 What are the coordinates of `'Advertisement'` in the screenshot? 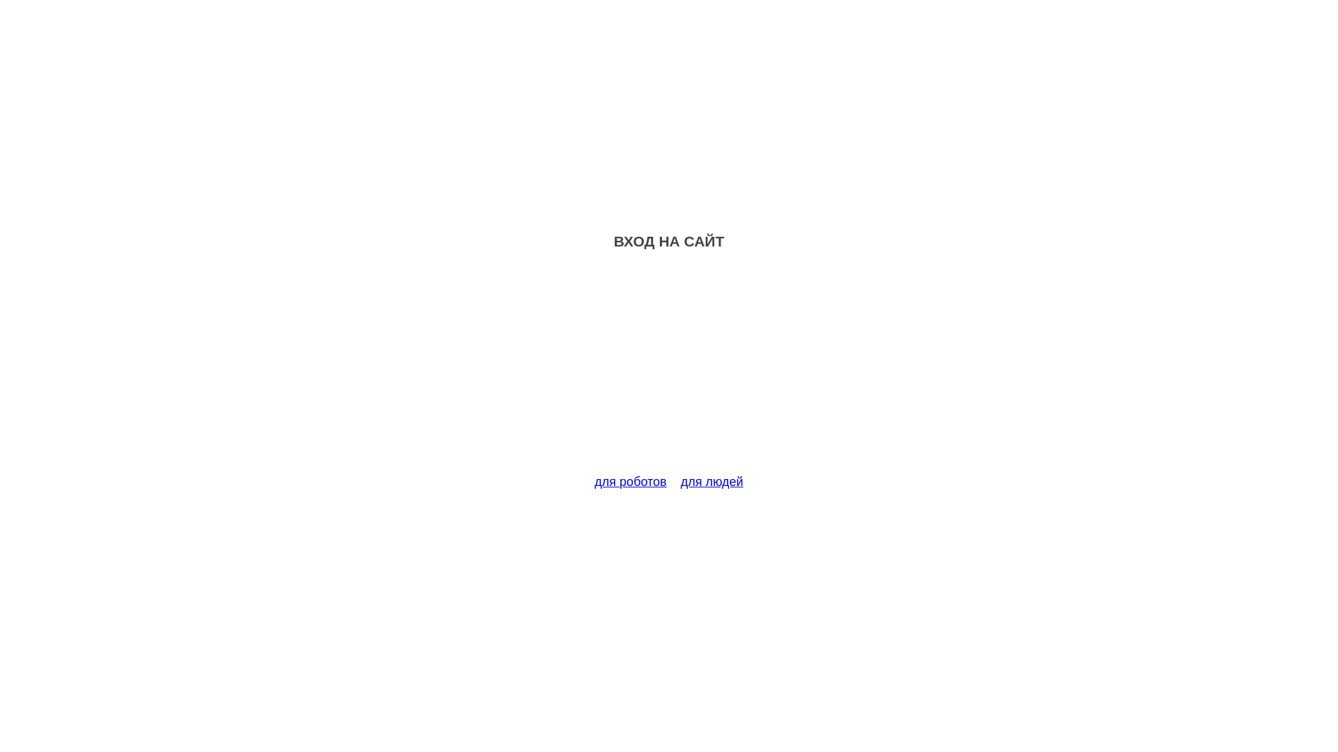 It's located at (669, 370).